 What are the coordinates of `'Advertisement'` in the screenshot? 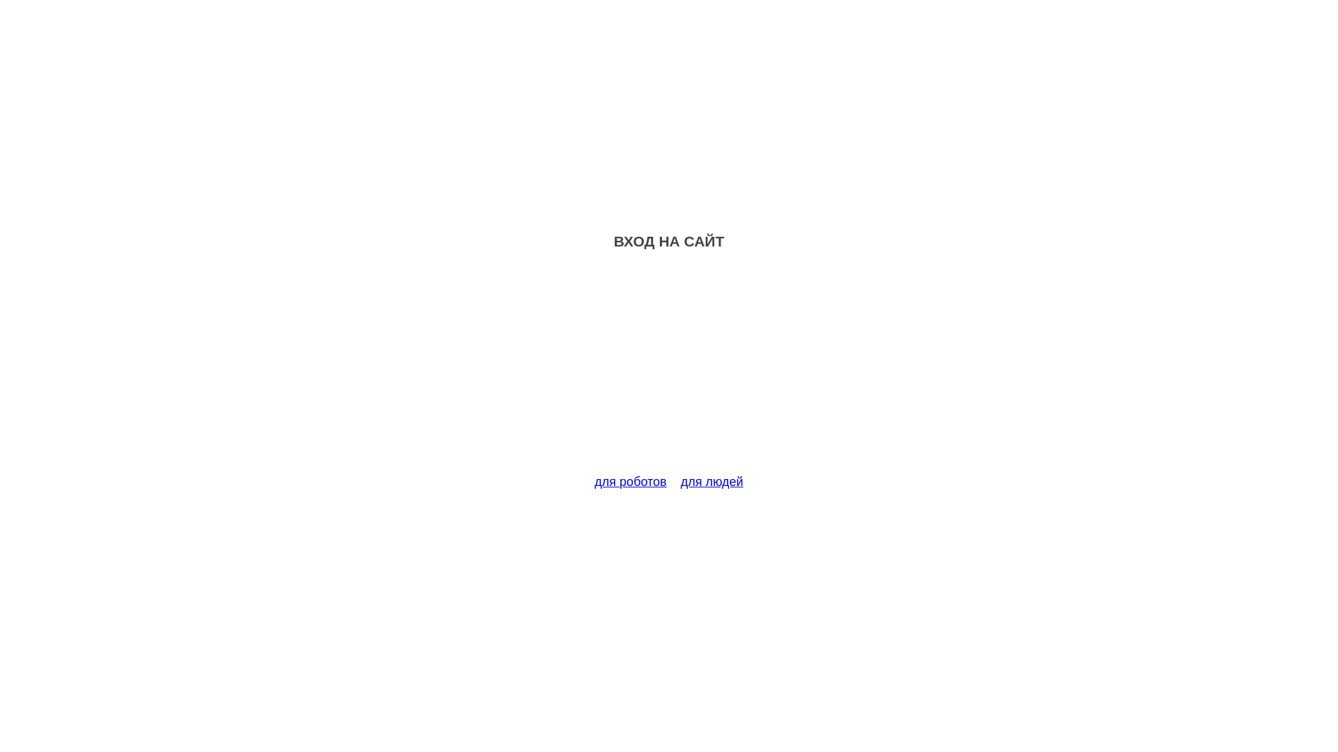 It's located at (669, 370).